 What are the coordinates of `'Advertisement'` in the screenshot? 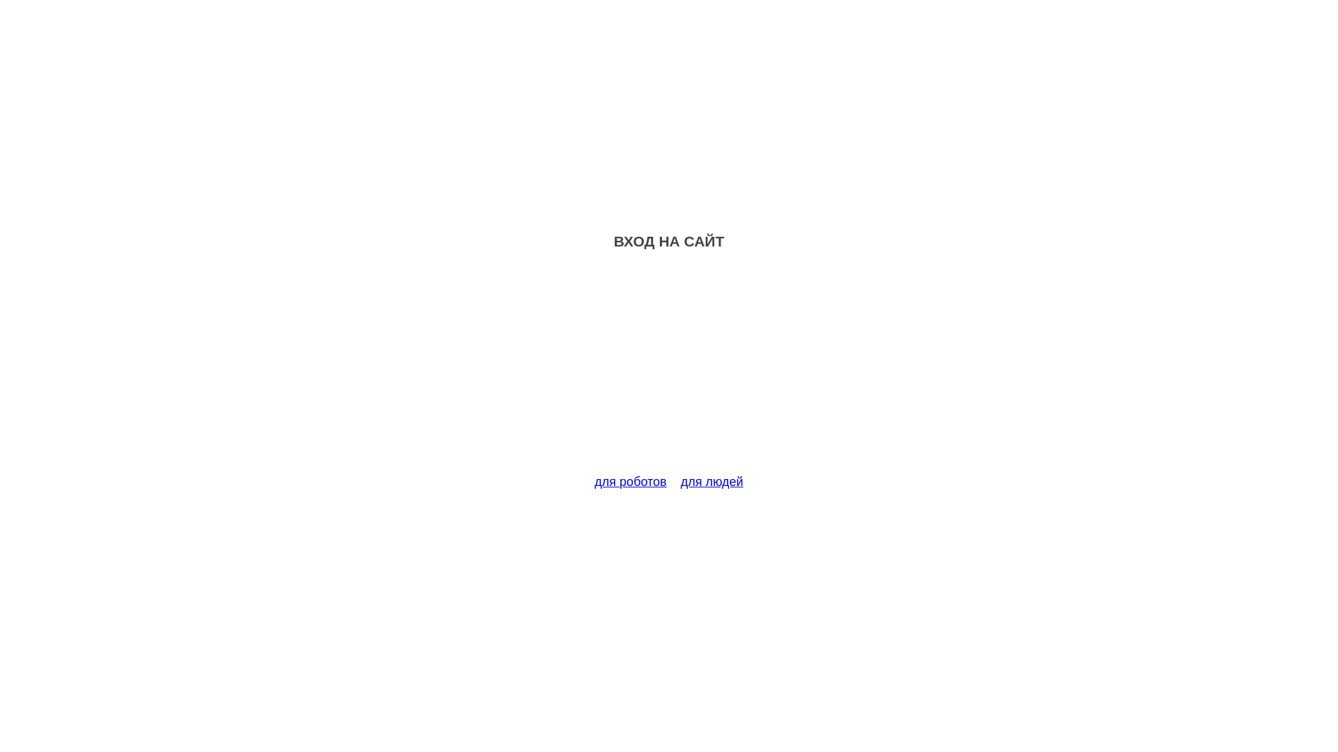 It's located at (669, 370).